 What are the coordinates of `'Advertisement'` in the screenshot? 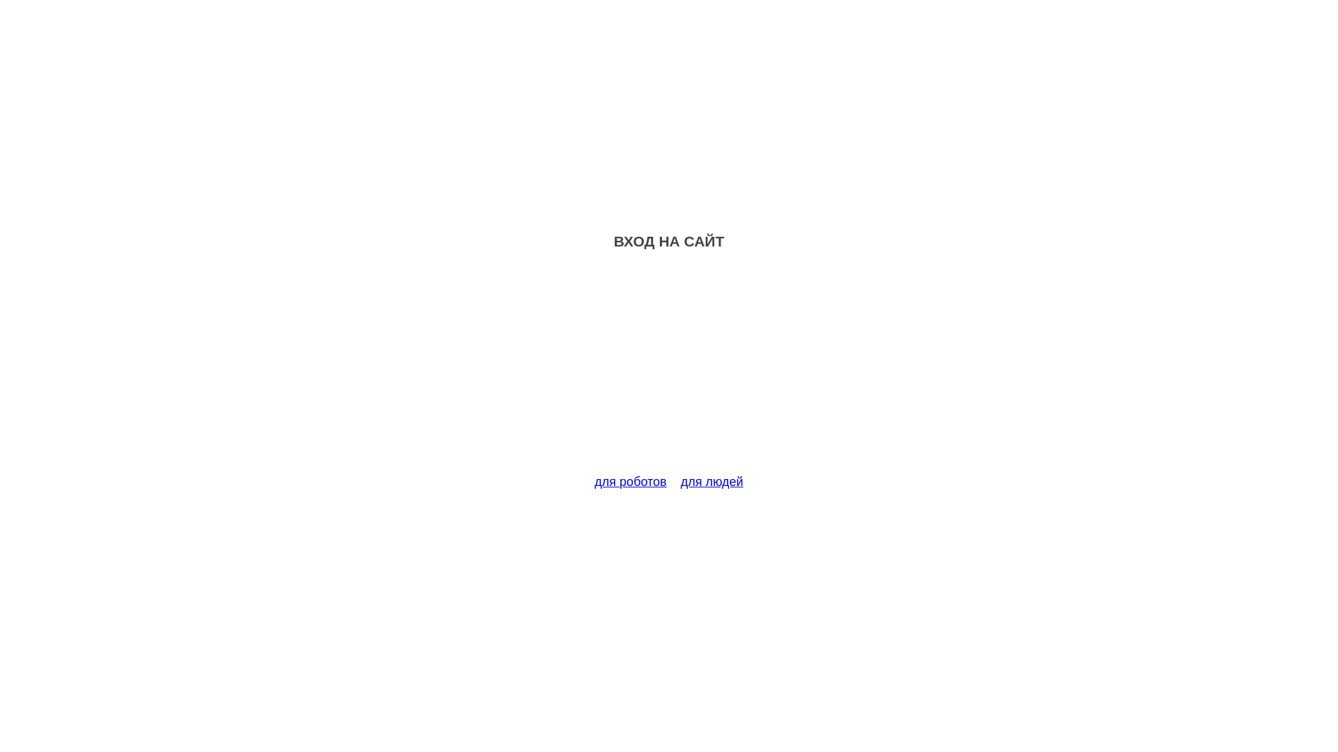 It's located at (669, 370).